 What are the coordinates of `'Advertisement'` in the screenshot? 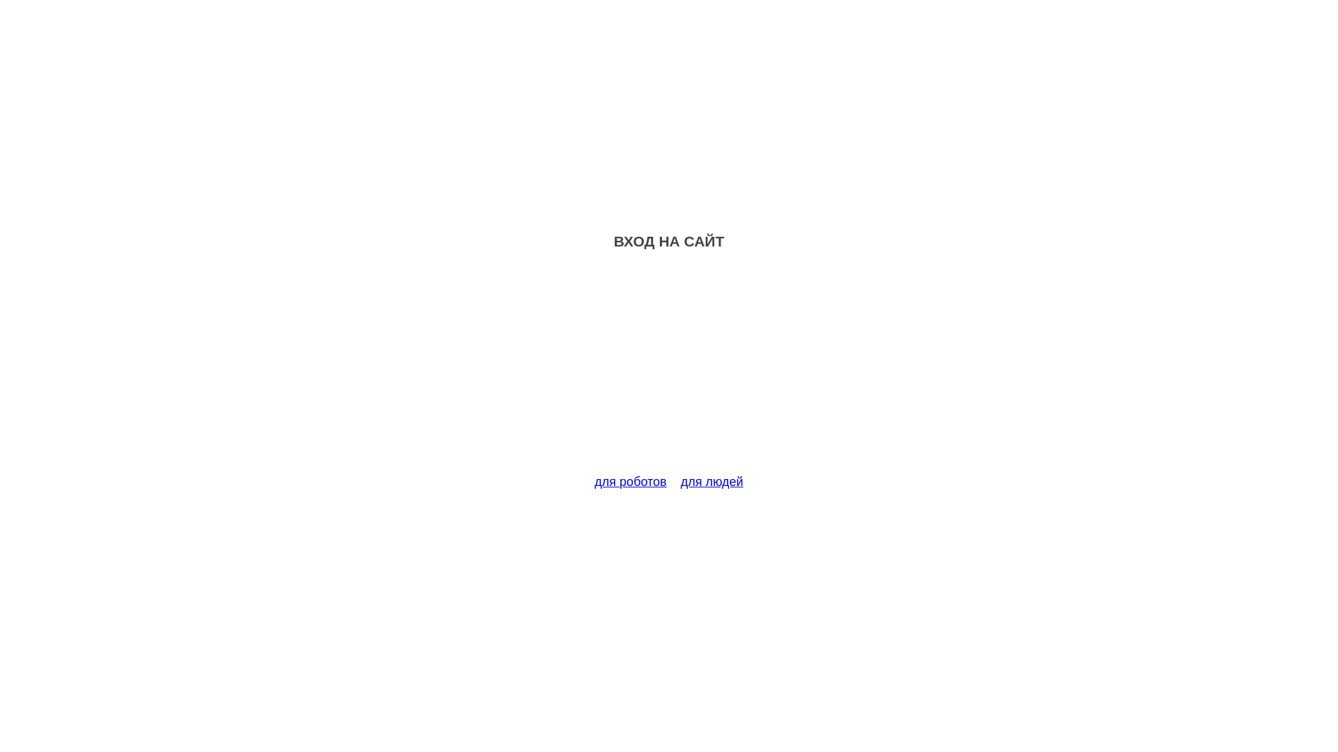 It's located at (669, 370).